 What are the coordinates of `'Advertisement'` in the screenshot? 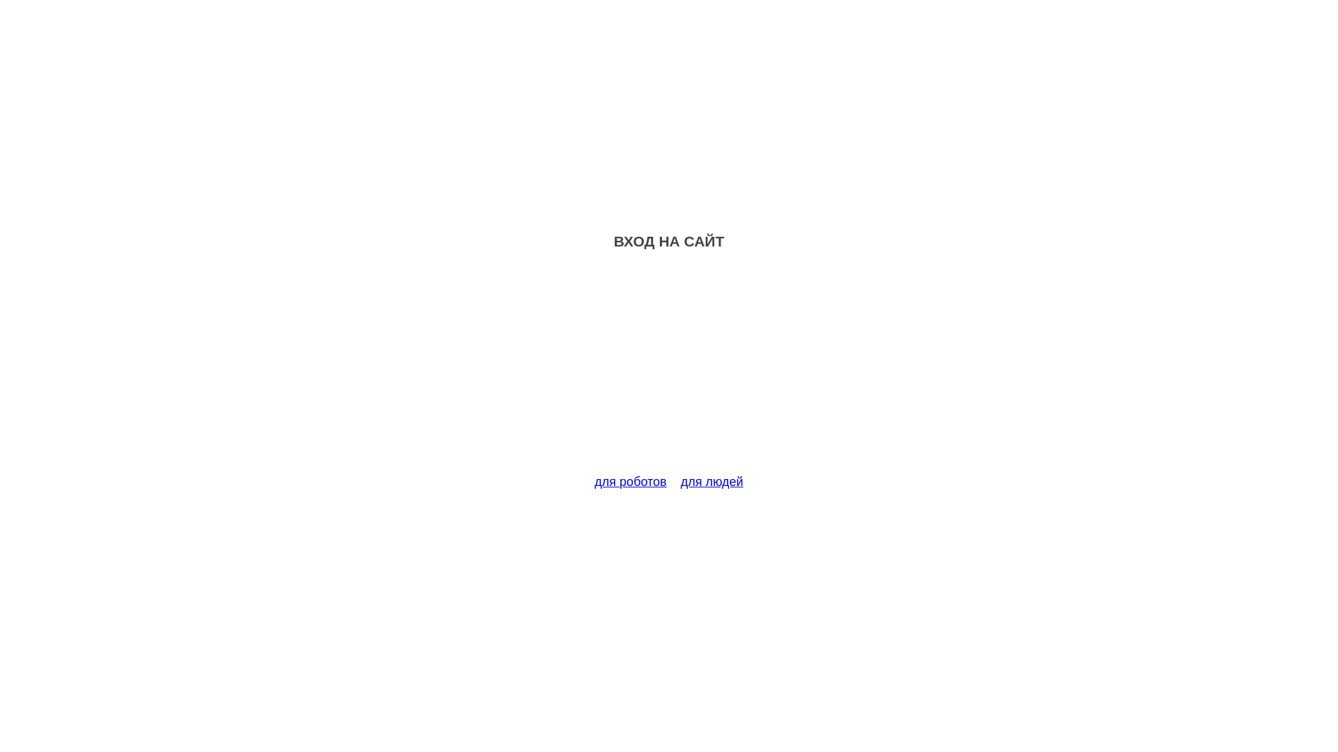 It's located at (669, 370).